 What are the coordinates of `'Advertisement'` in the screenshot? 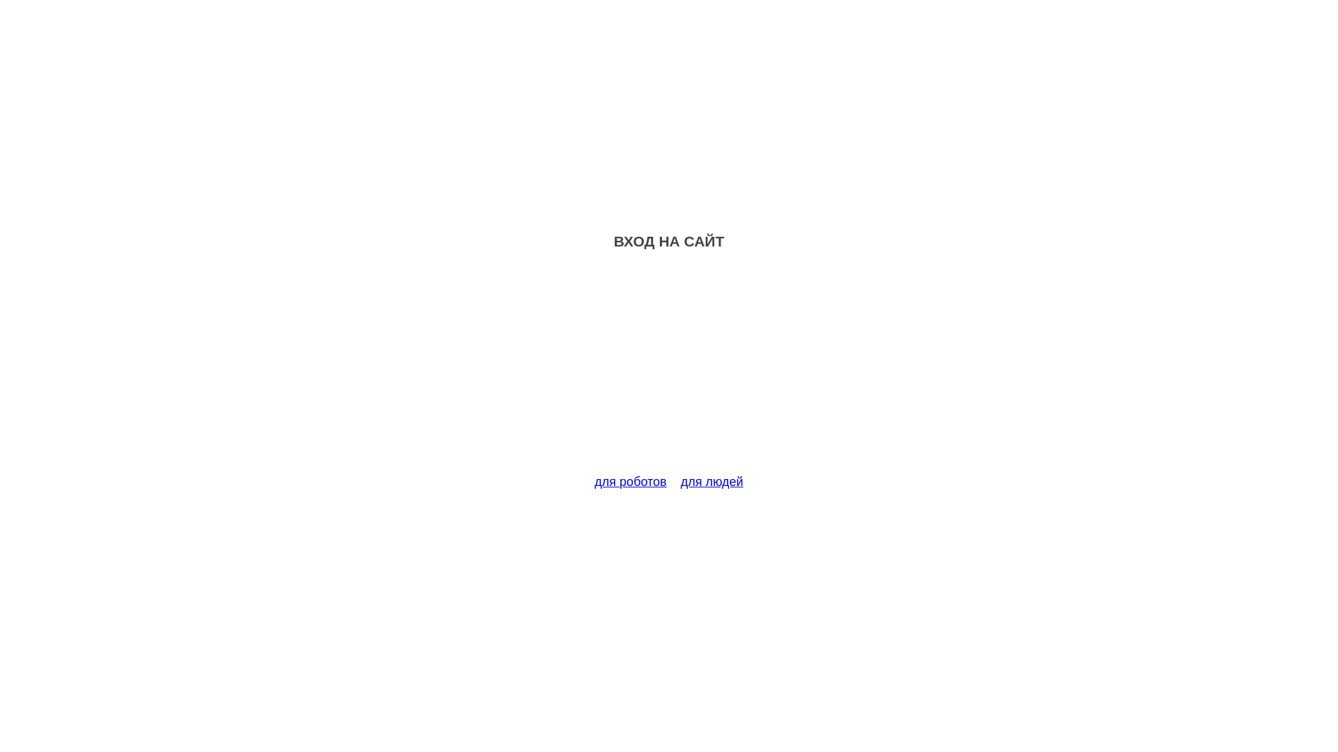 It's located at (669, 370).